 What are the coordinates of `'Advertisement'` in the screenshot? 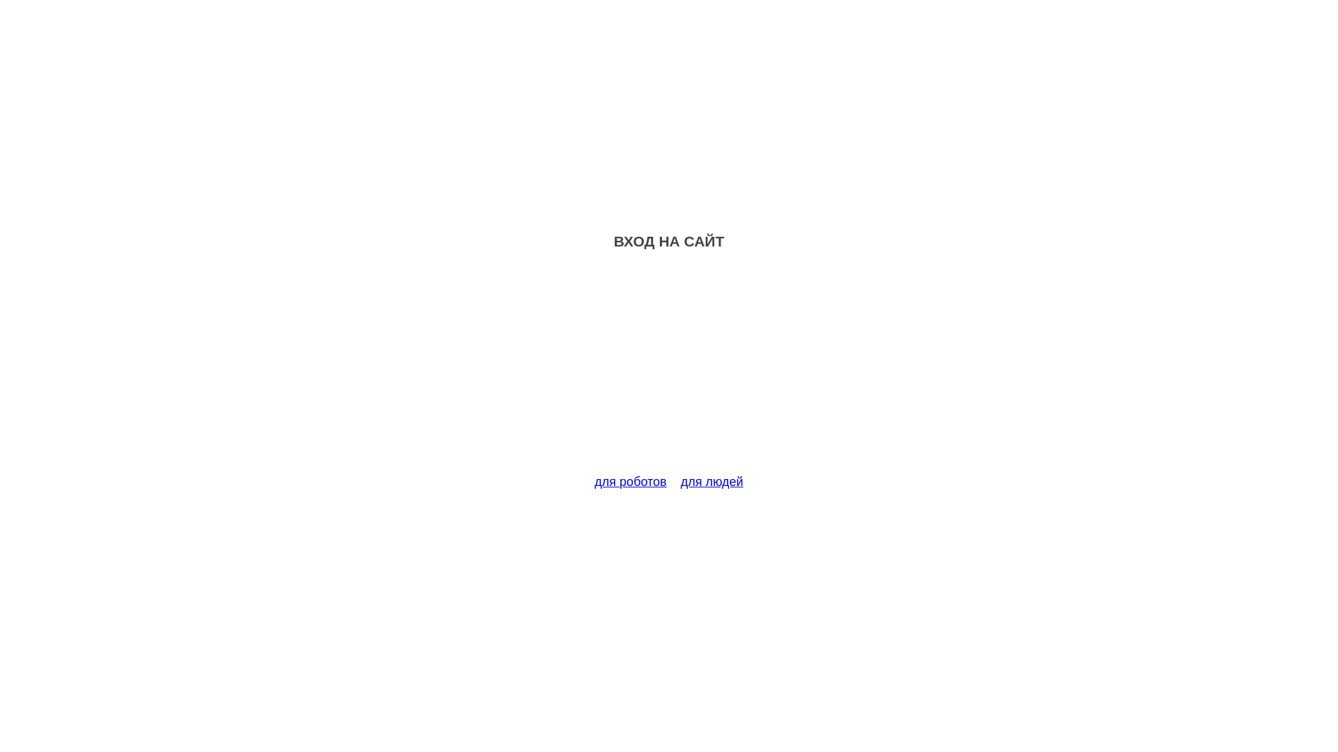 It's located at (669, 370).